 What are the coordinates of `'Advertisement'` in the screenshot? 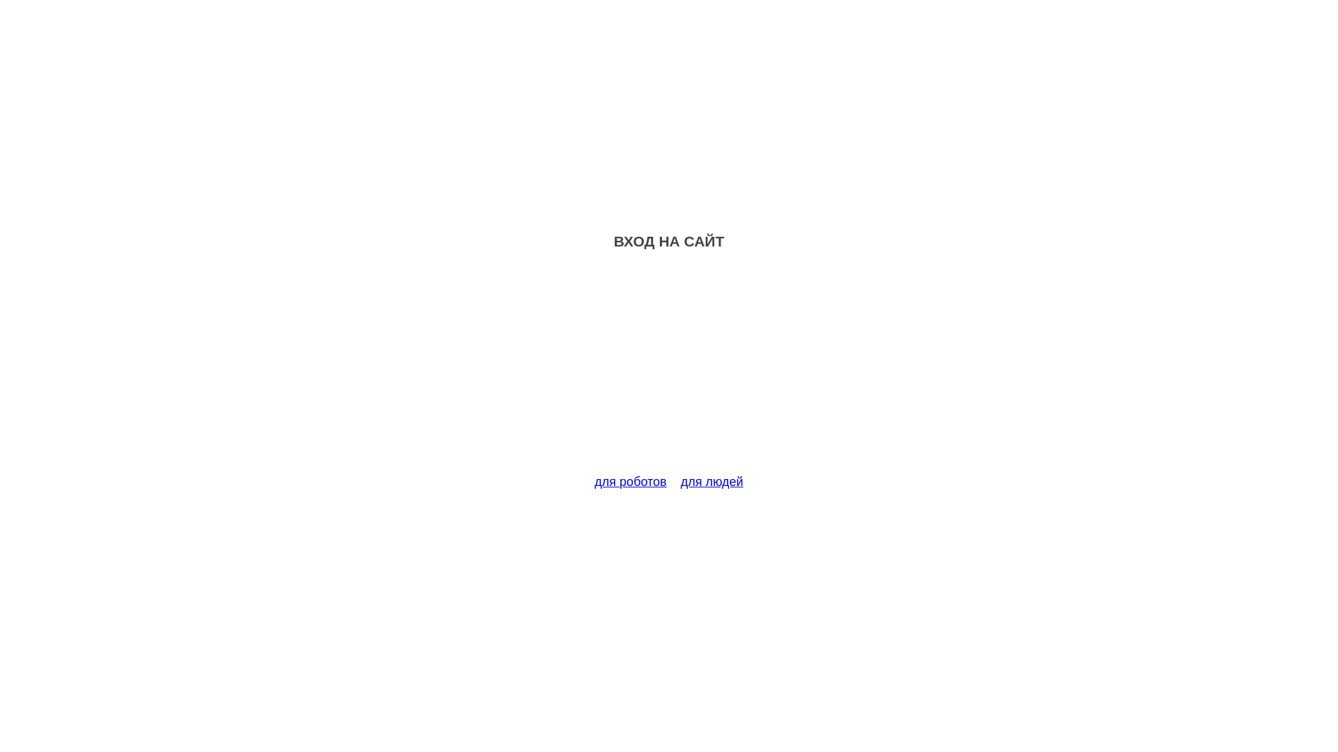 It's located at (669, 370).